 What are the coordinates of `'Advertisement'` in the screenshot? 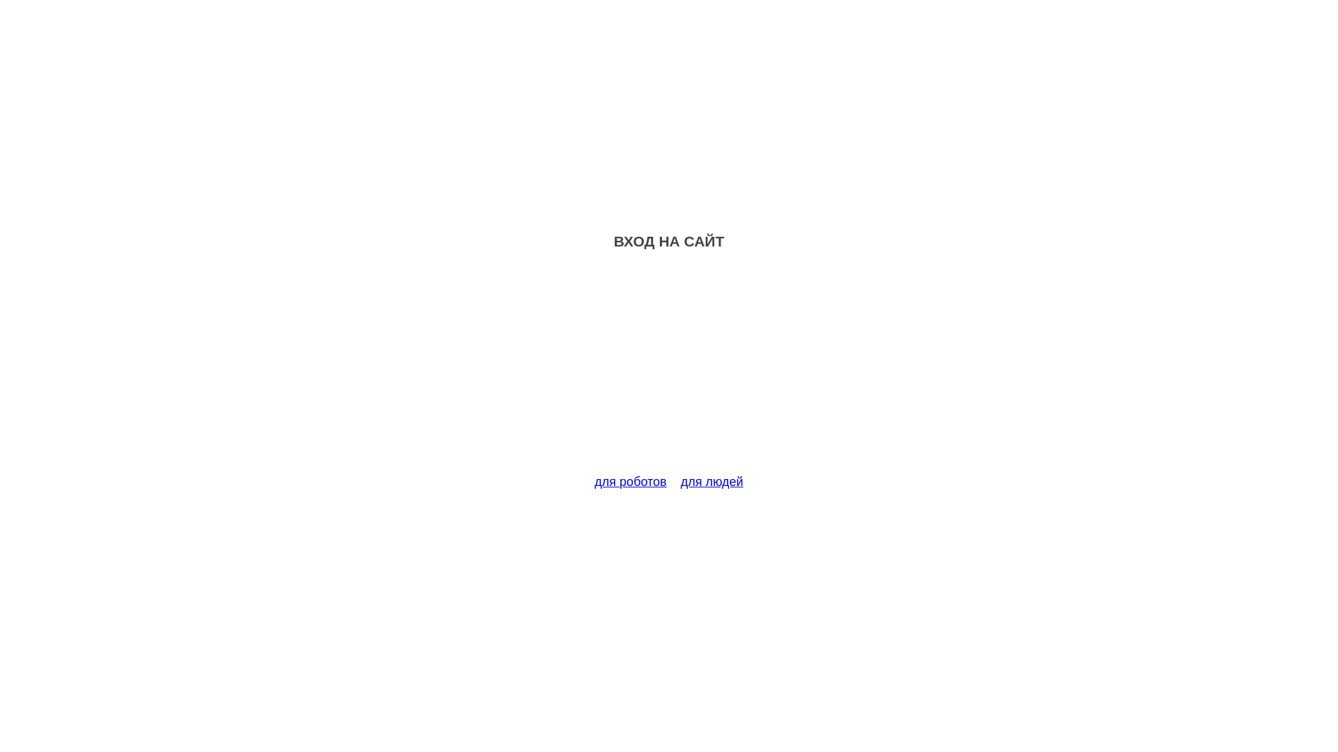 It's located at (669, 370).